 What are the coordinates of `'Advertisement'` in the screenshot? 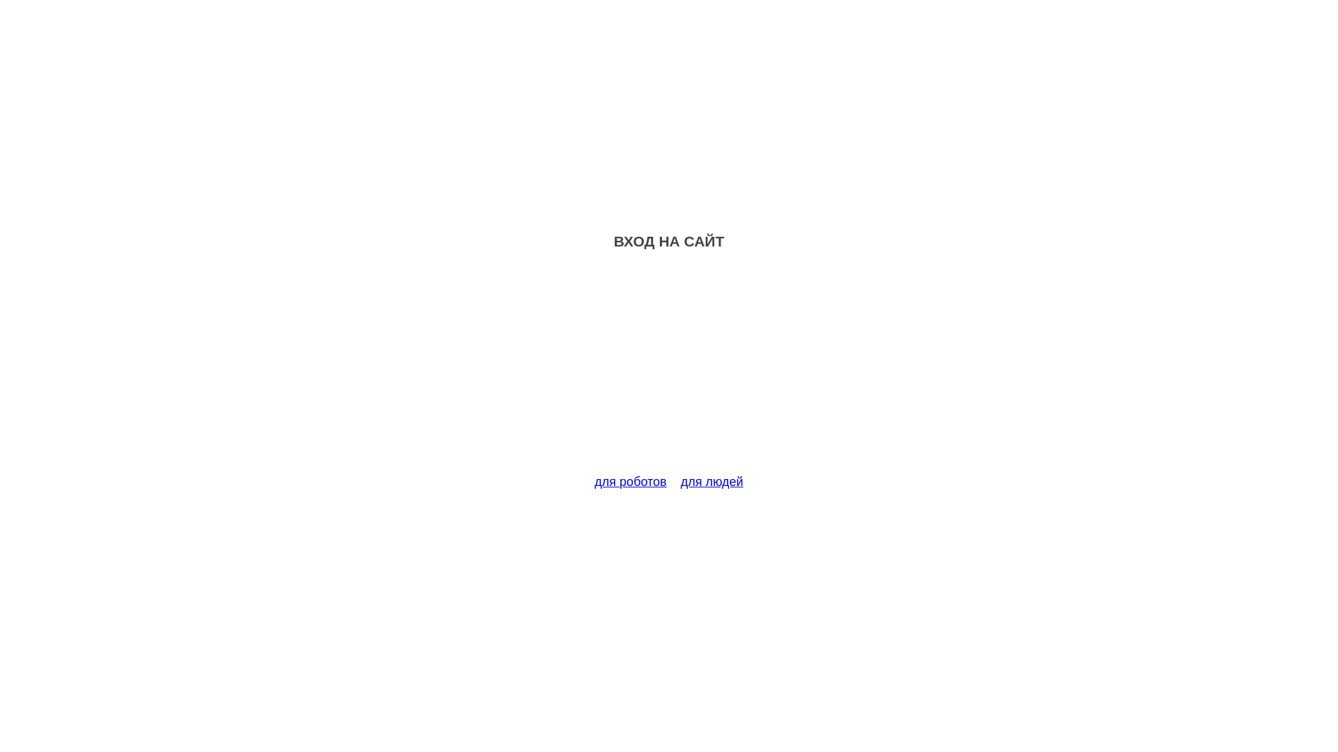 It's located at (669, 370).